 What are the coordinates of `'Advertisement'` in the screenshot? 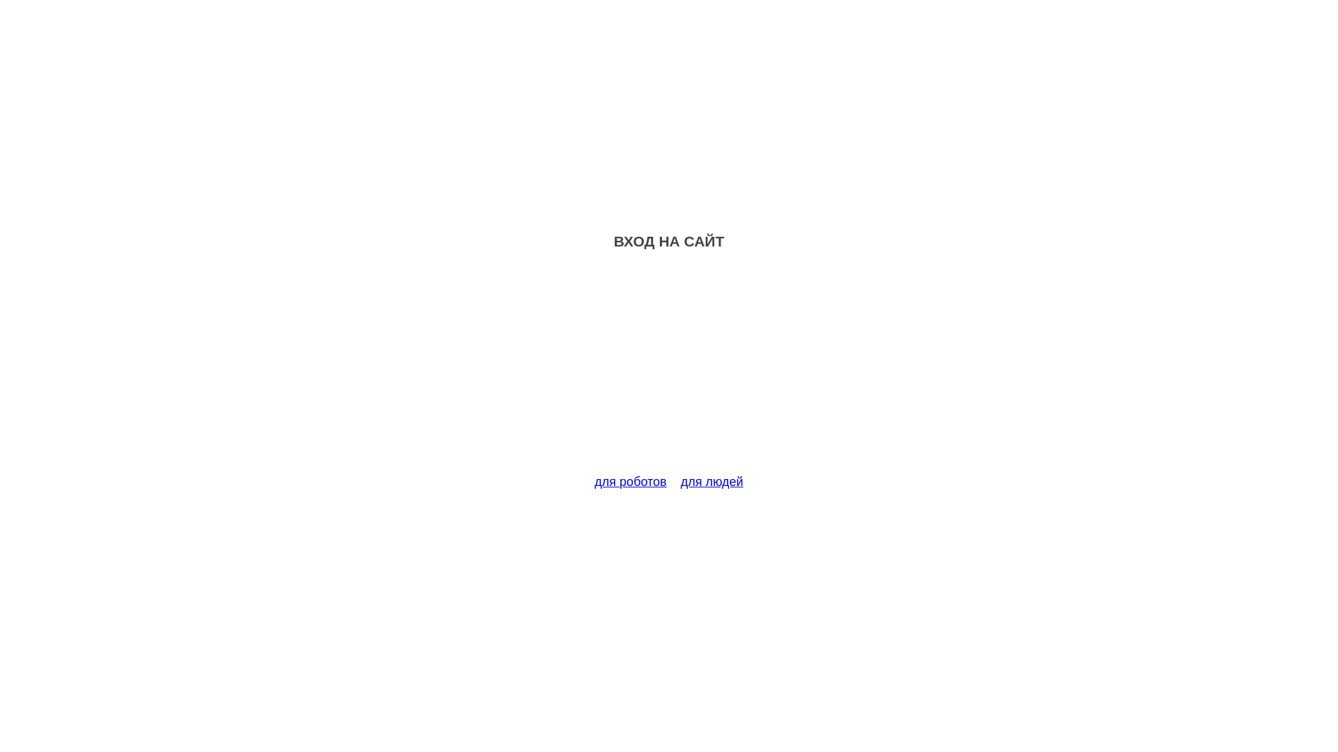 It's located at (669, 370).